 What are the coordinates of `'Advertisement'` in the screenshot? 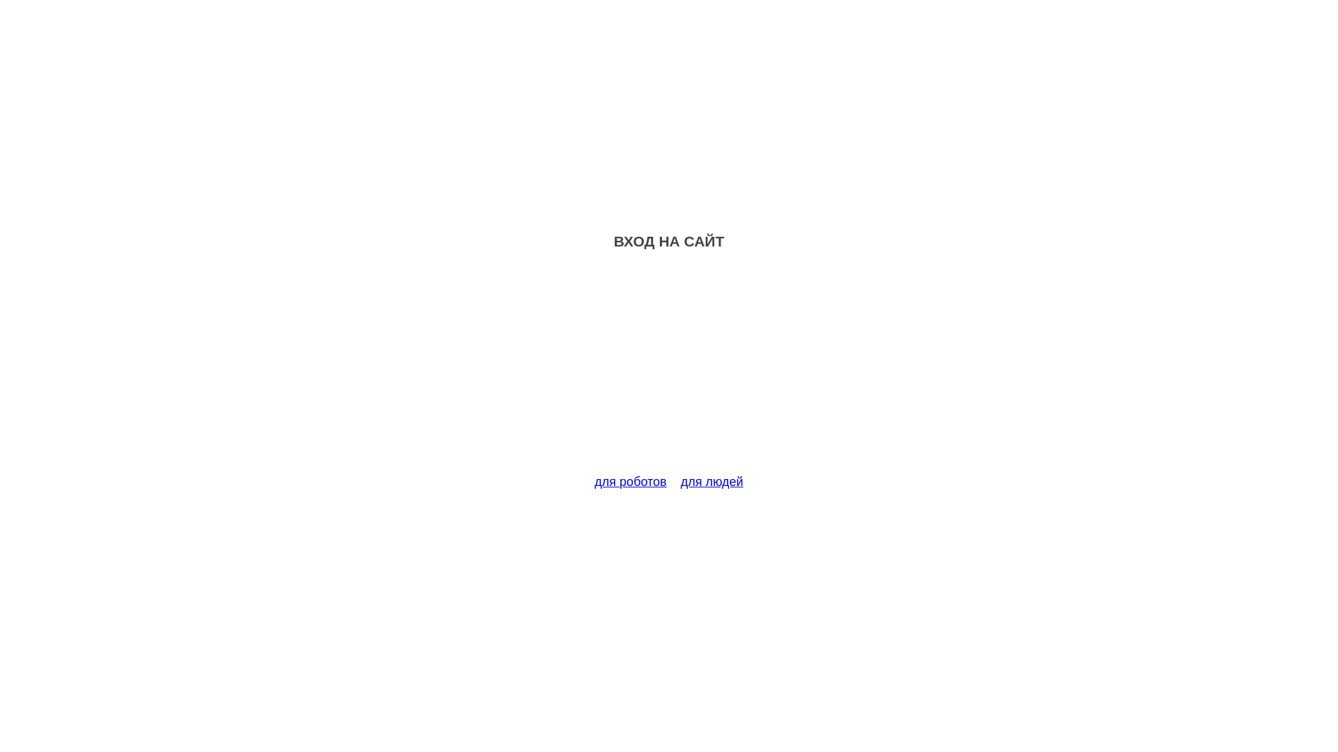 It's located at (669, 370).